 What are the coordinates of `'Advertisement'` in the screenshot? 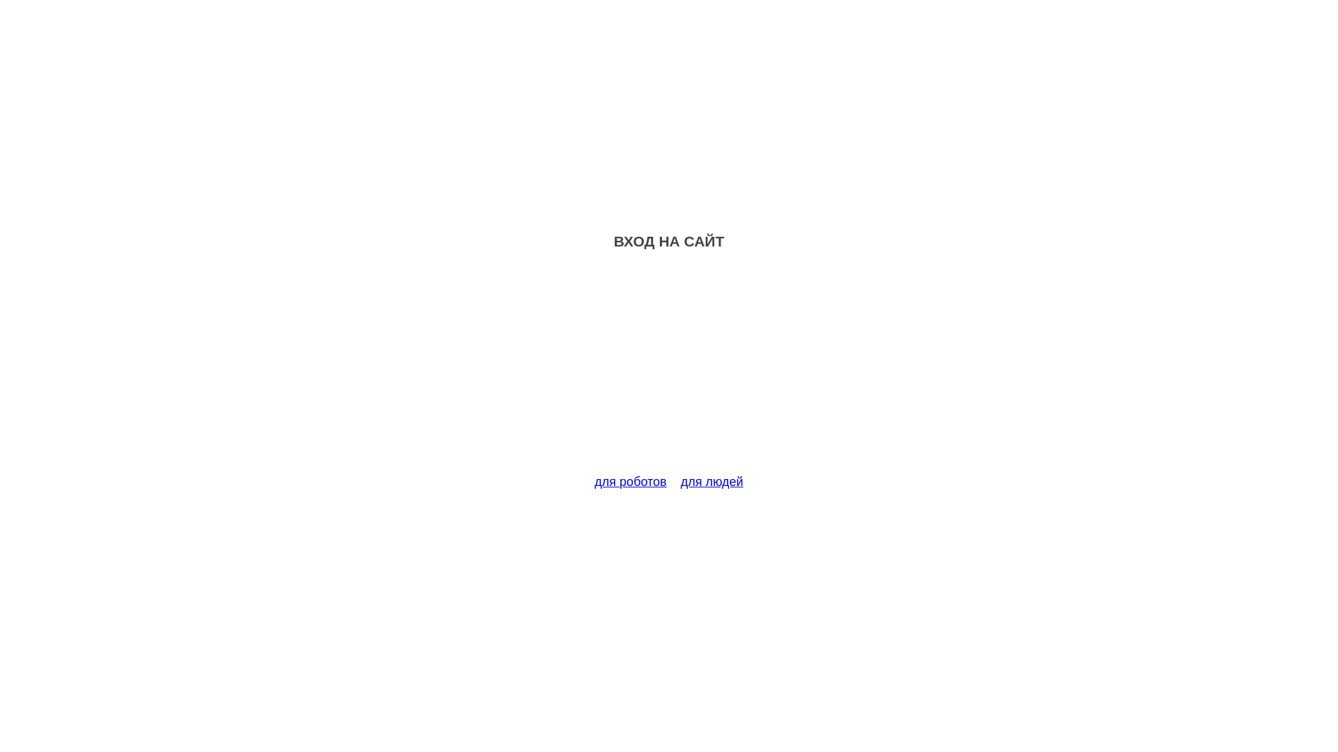 It's located at (669, 370).